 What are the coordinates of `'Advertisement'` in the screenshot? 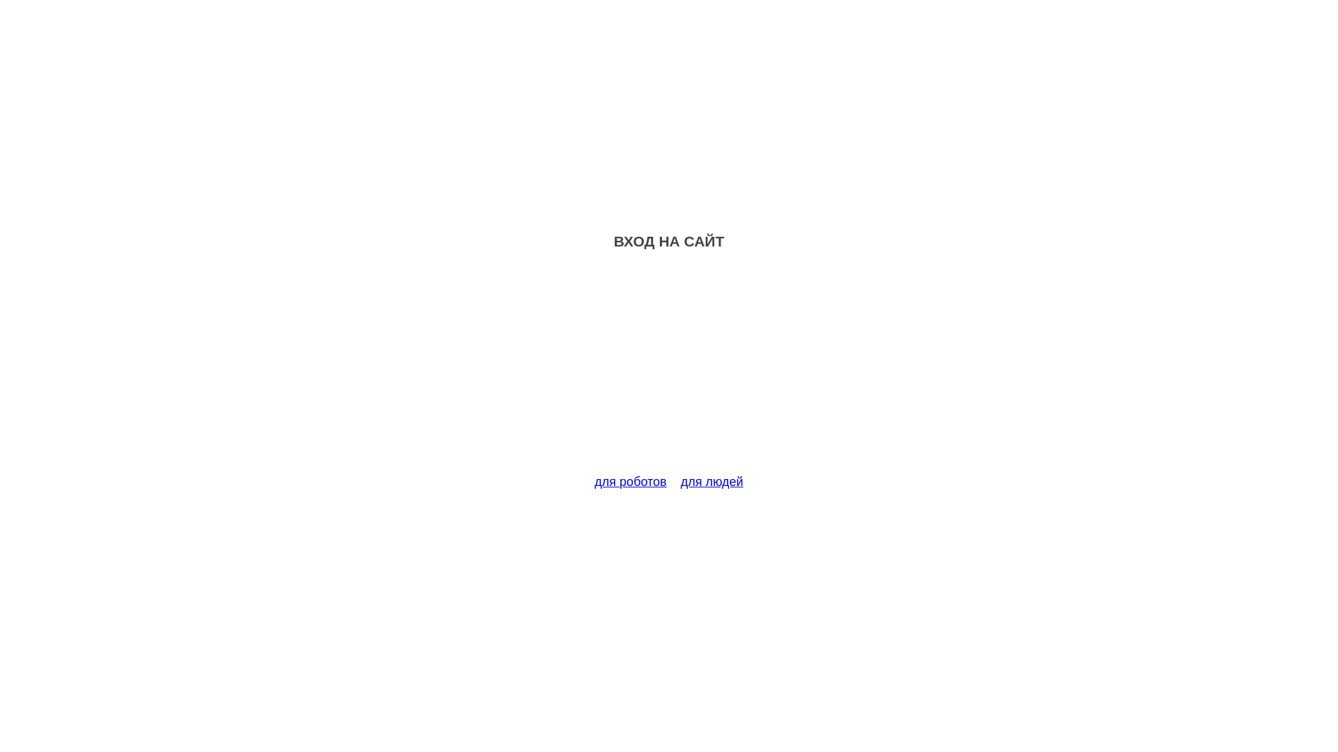 It's located at (669, 370).